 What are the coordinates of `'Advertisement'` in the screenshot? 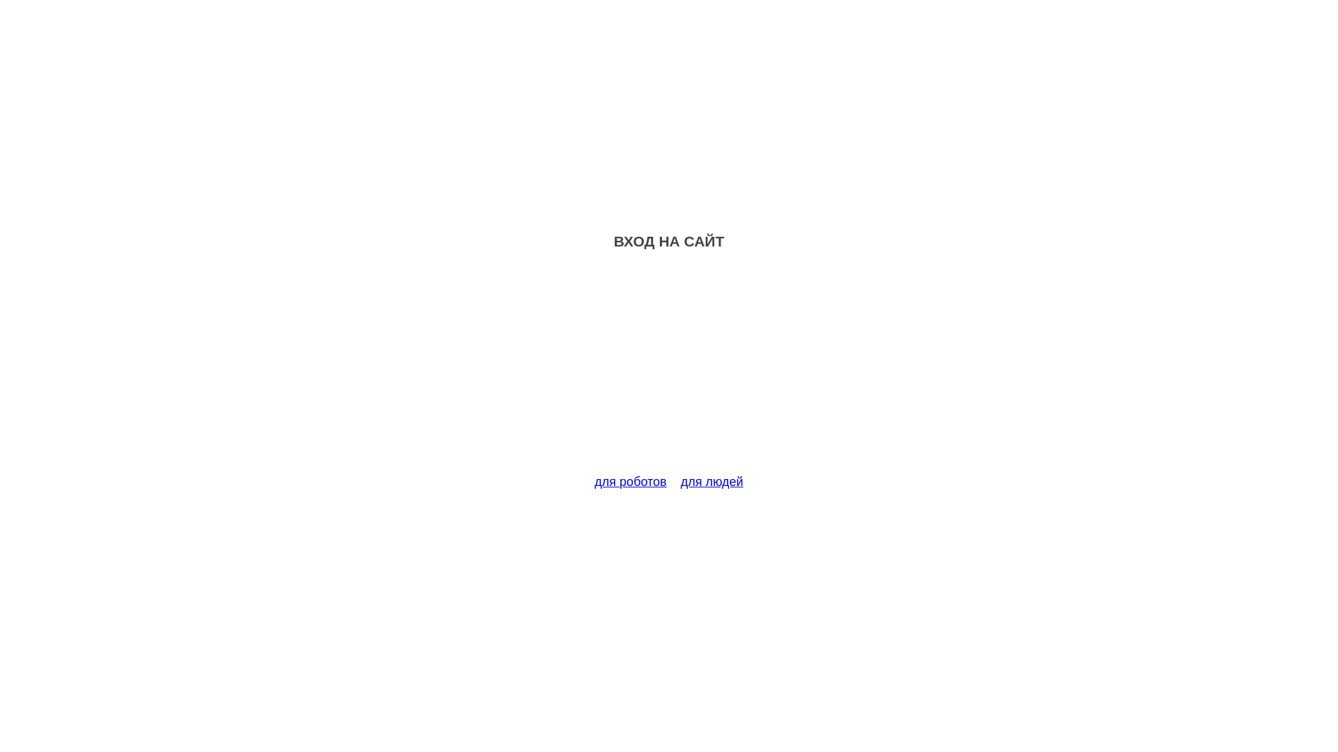 It's located at (669, 370).